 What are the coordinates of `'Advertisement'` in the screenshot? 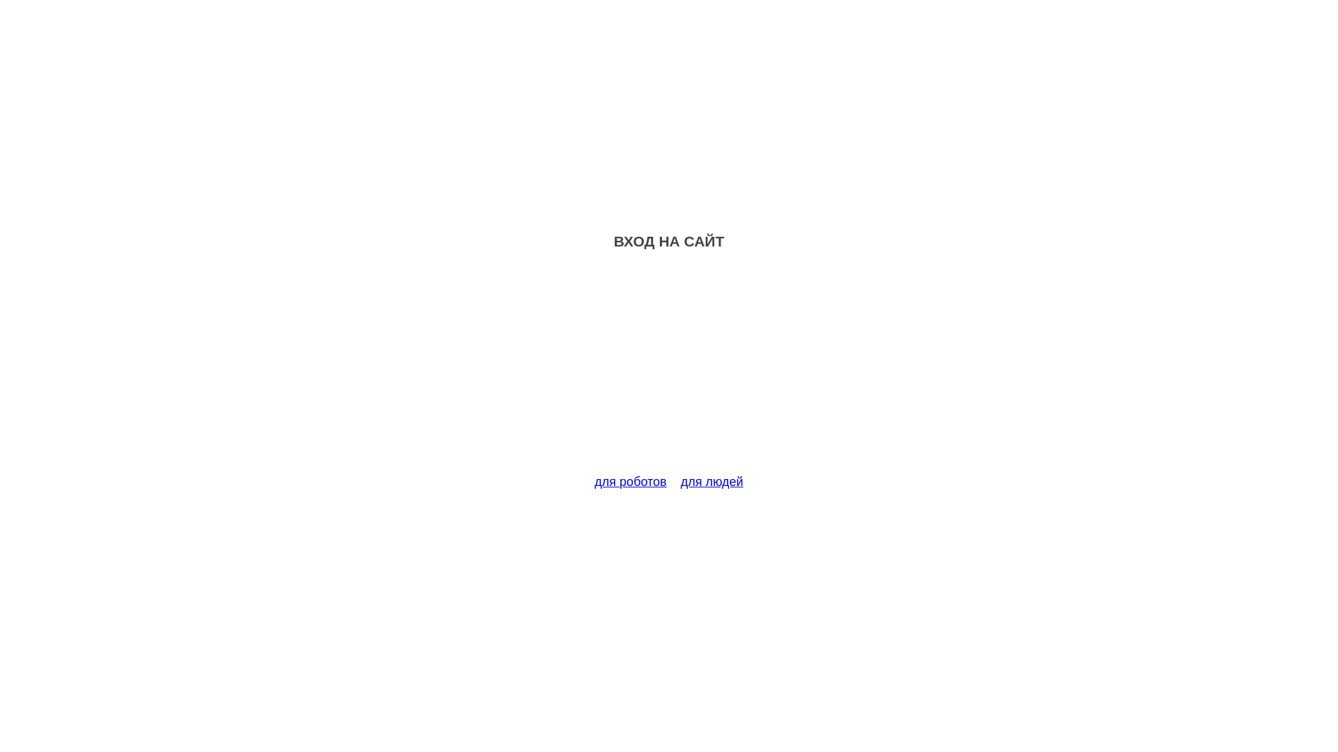 It's located at (669, 370).